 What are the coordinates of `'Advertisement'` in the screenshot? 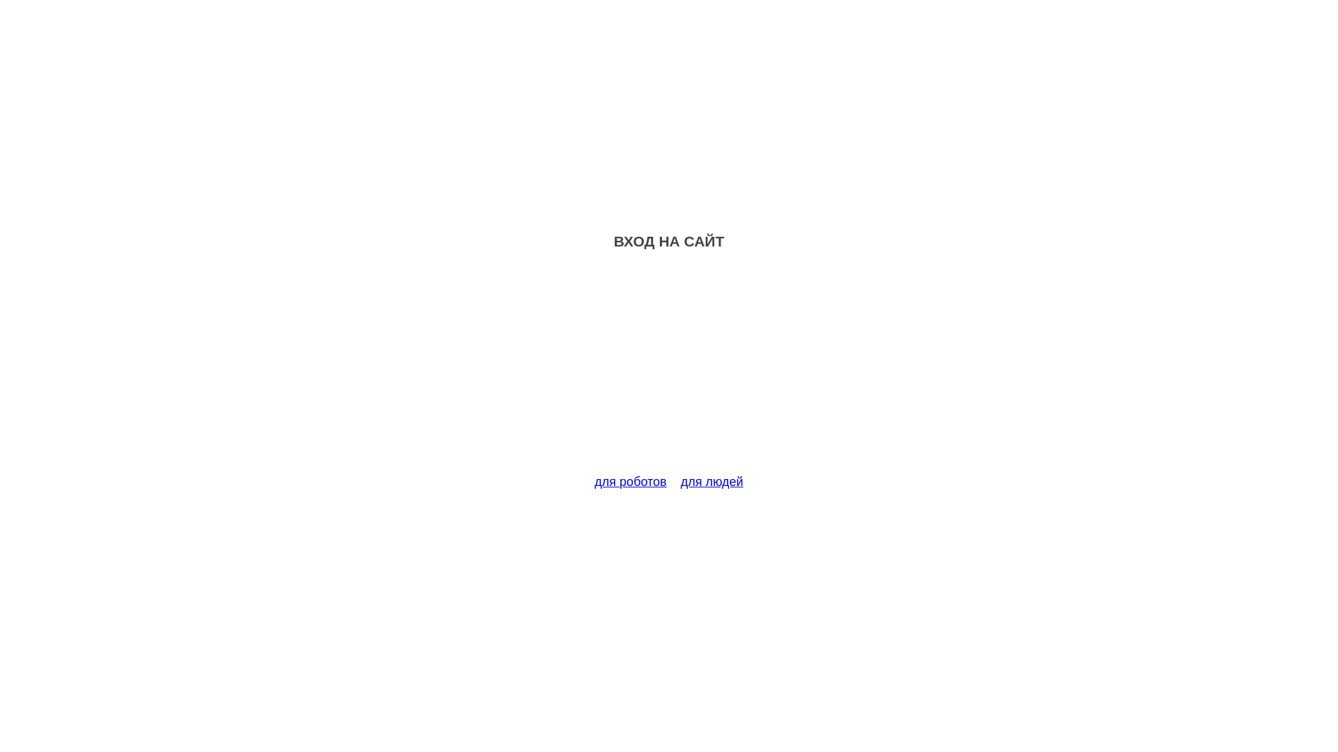 It's located at (669, 370).